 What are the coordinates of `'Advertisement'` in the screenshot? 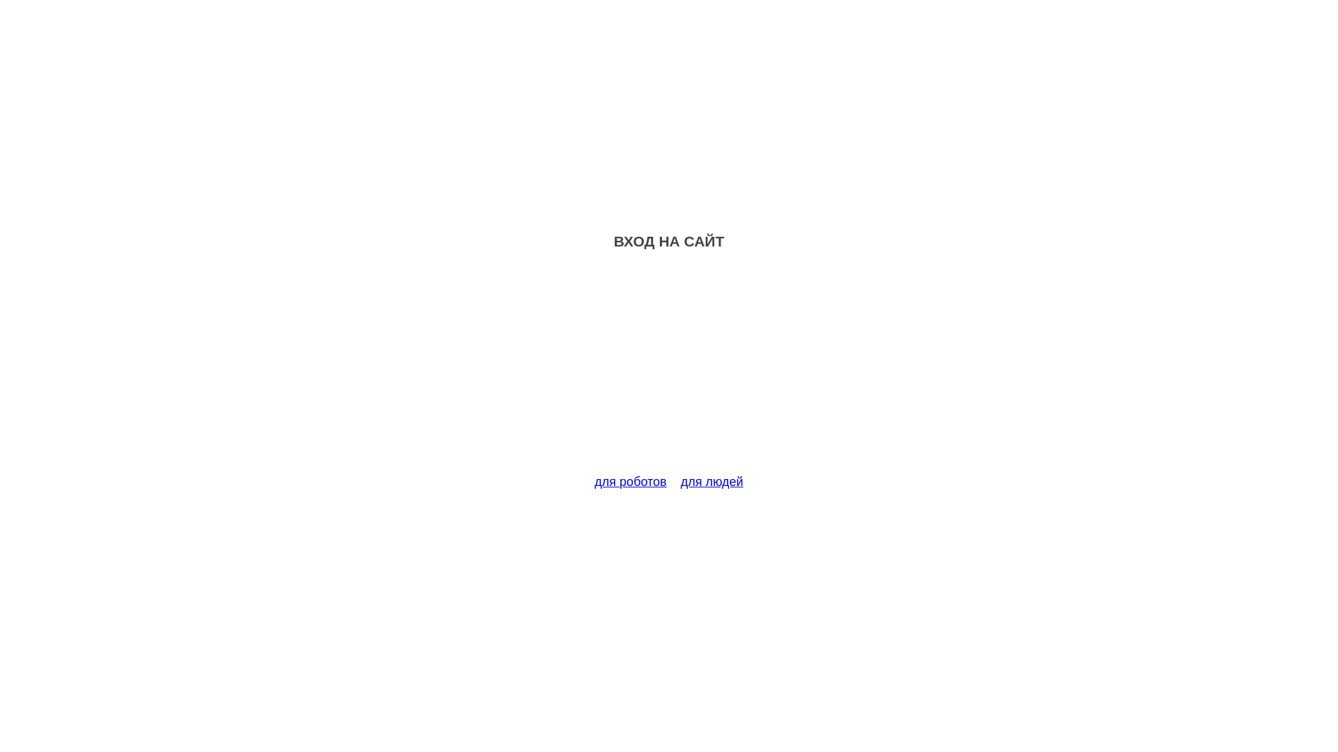 It's located at (669, 370).